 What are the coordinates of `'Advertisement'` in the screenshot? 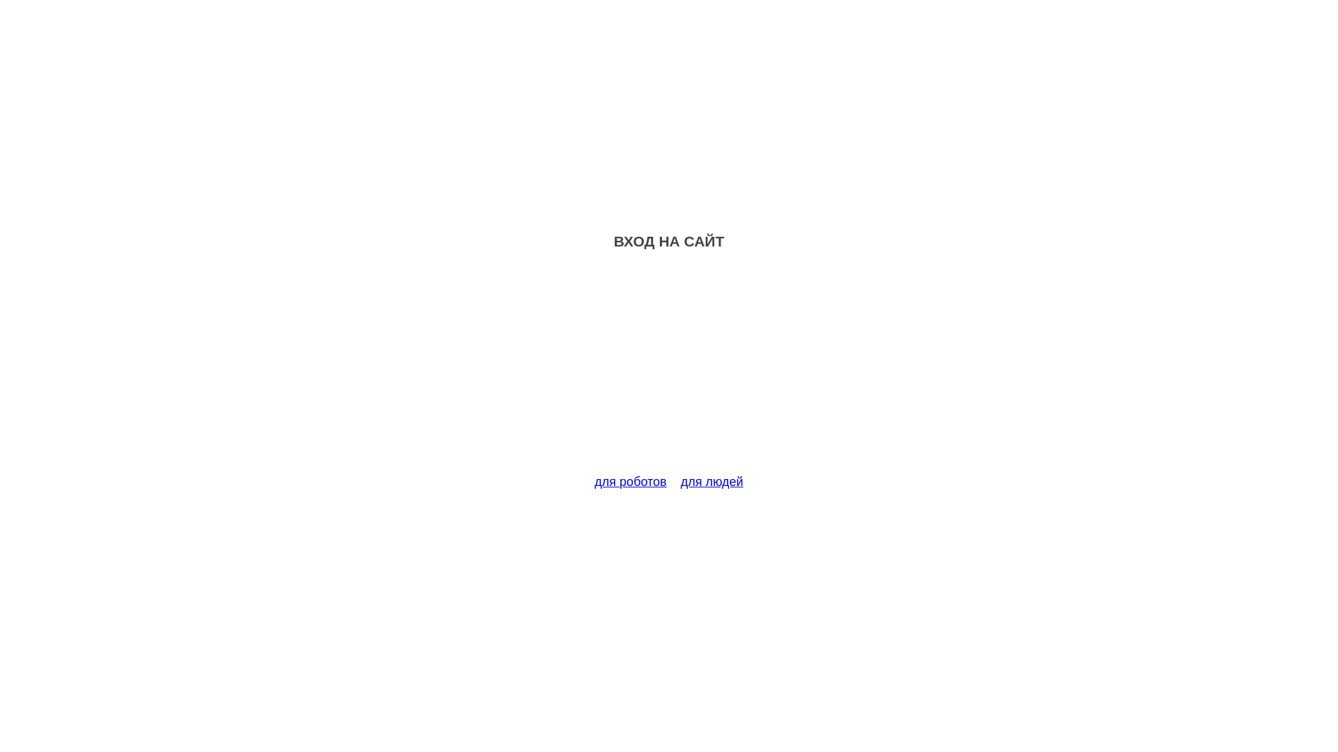 It's located at (669, 370).